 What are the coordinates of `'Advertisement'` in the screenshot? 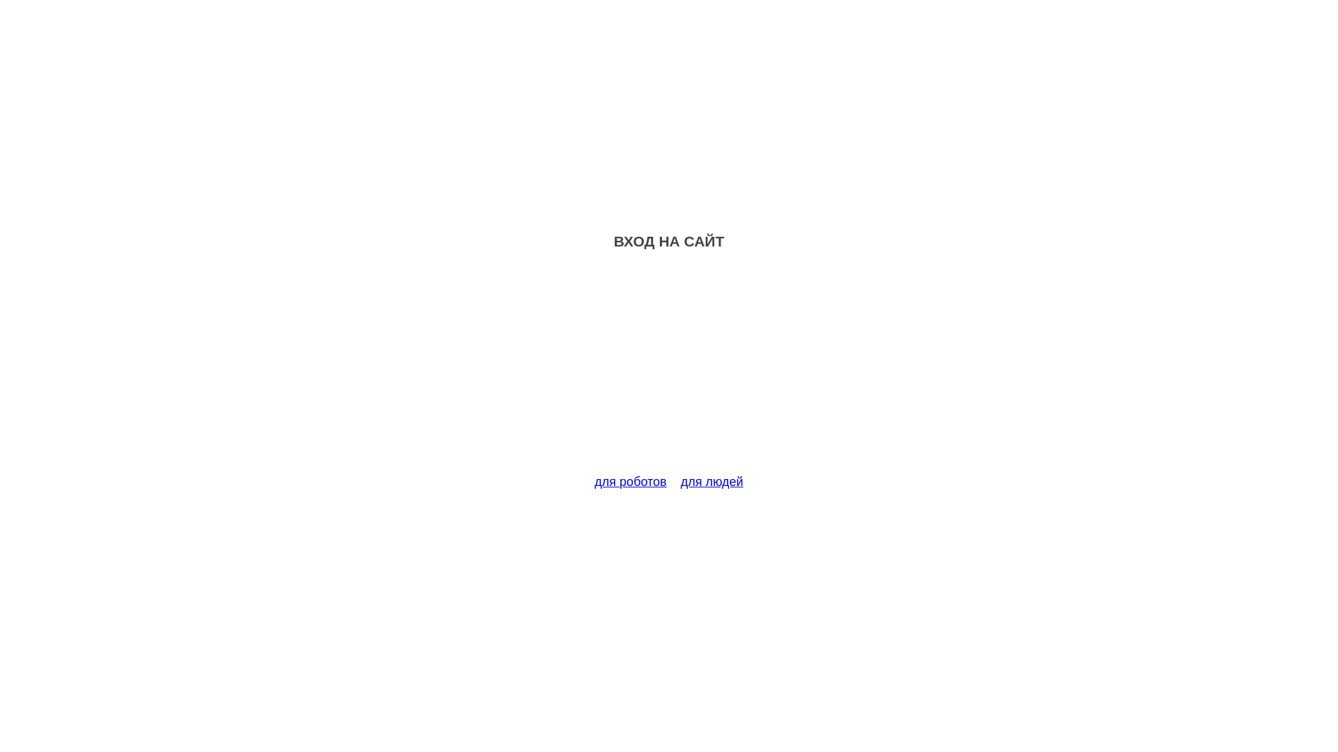 It's located at (669, 370).